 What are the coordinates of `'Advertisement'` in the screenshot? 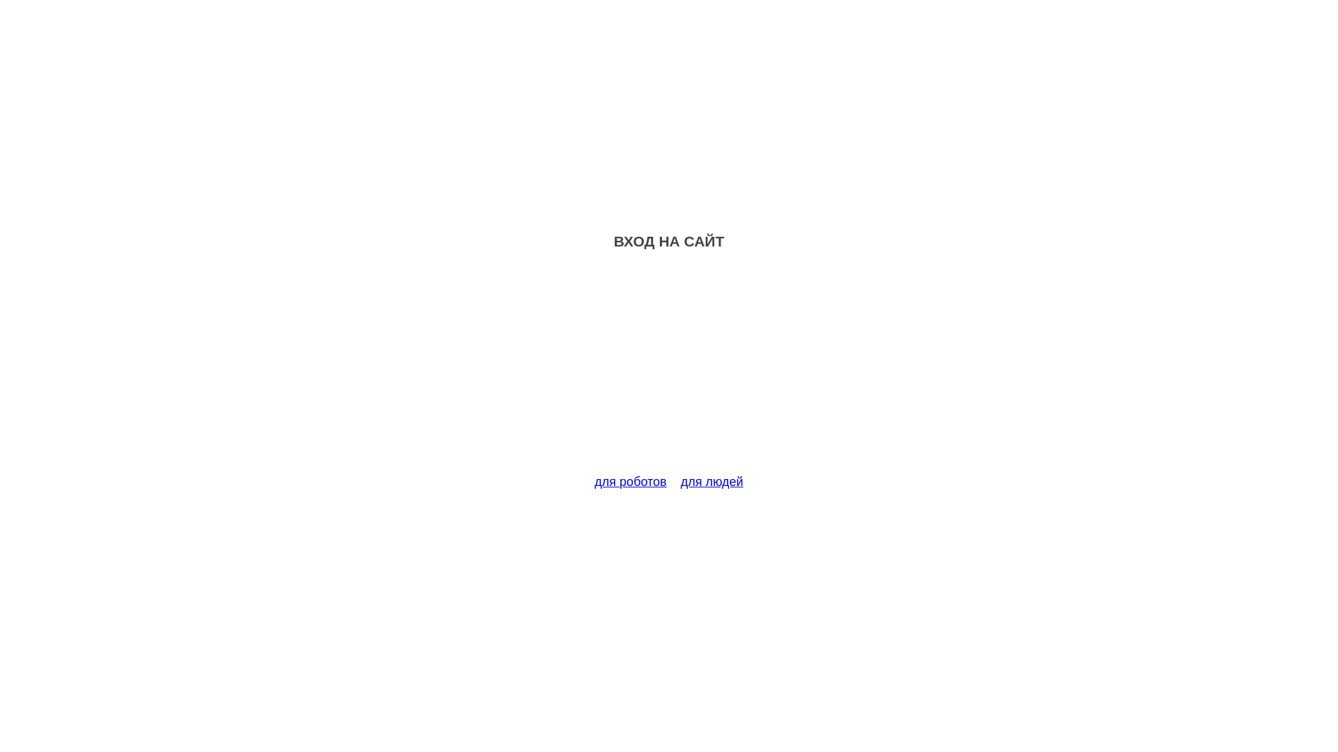 It's located at (669, 370).